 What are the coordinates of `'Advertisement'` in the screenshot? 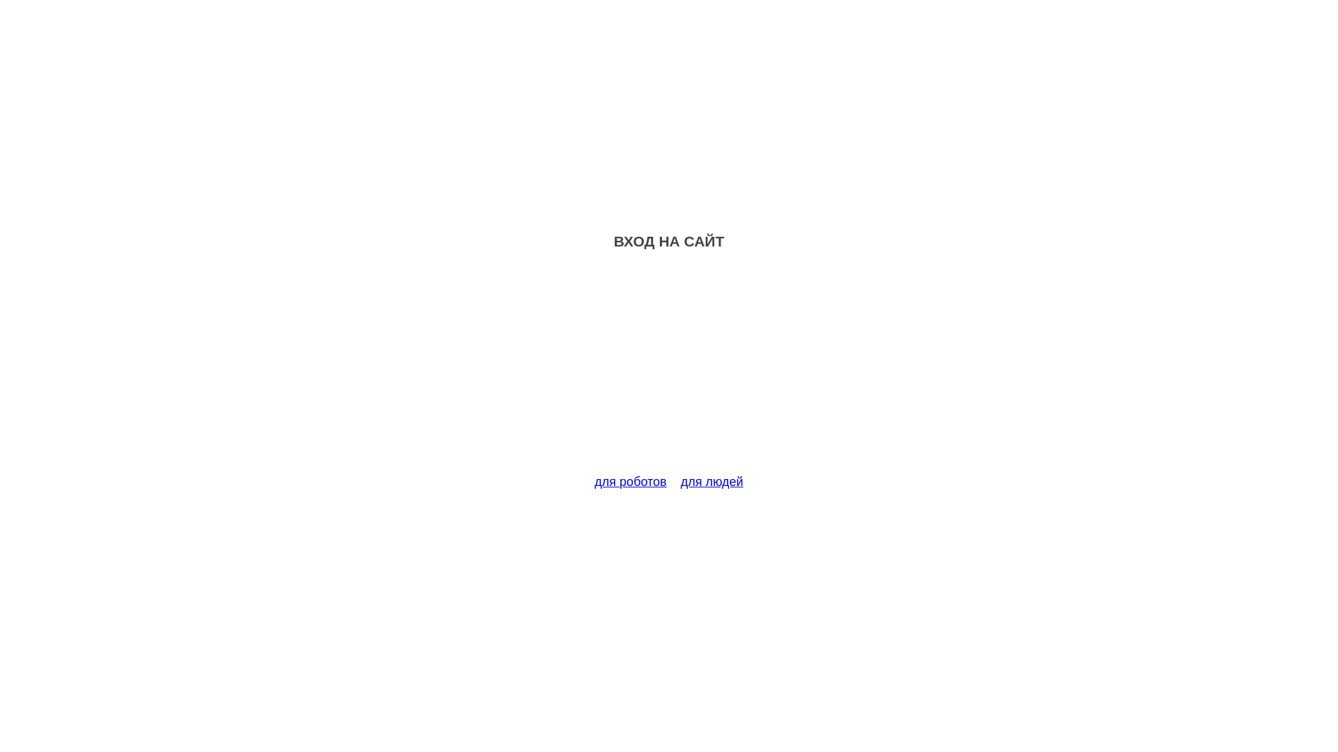 It's located at (669, 370).